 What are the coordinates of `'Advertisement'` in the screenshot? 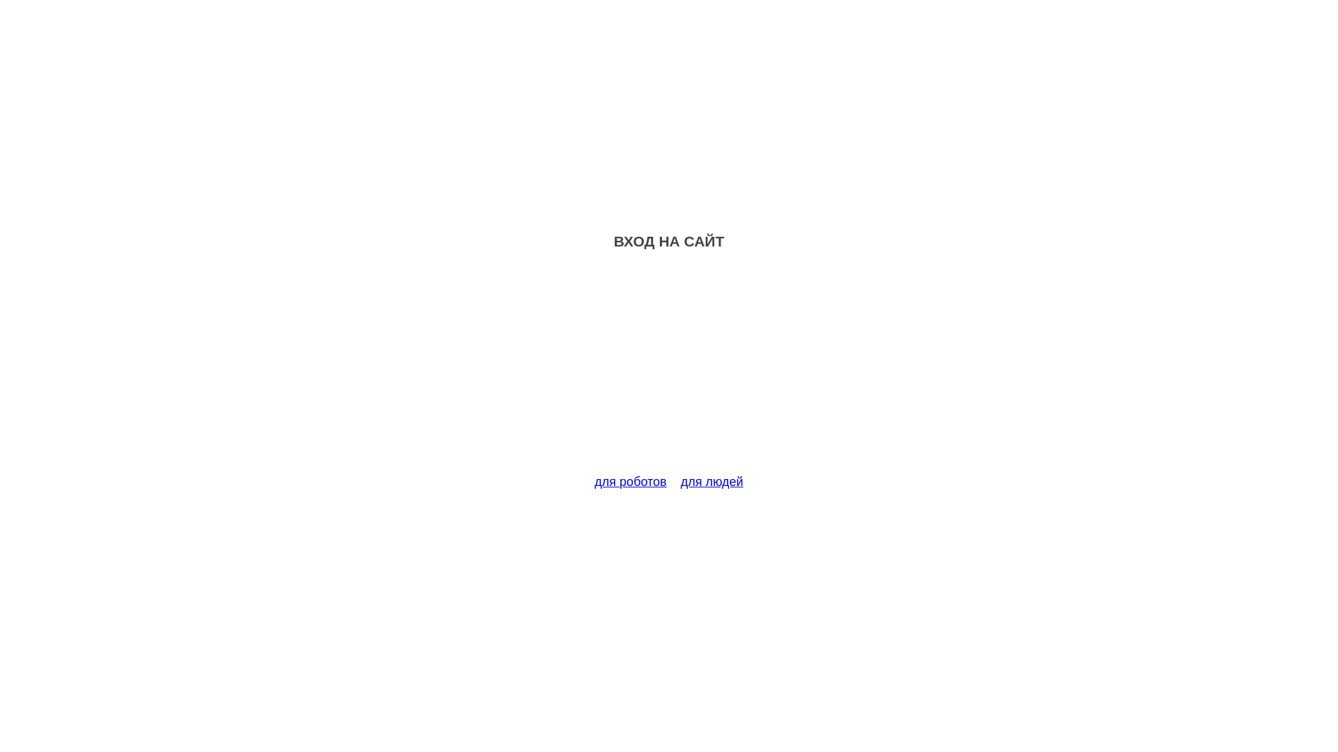 It's located at (669, 370).